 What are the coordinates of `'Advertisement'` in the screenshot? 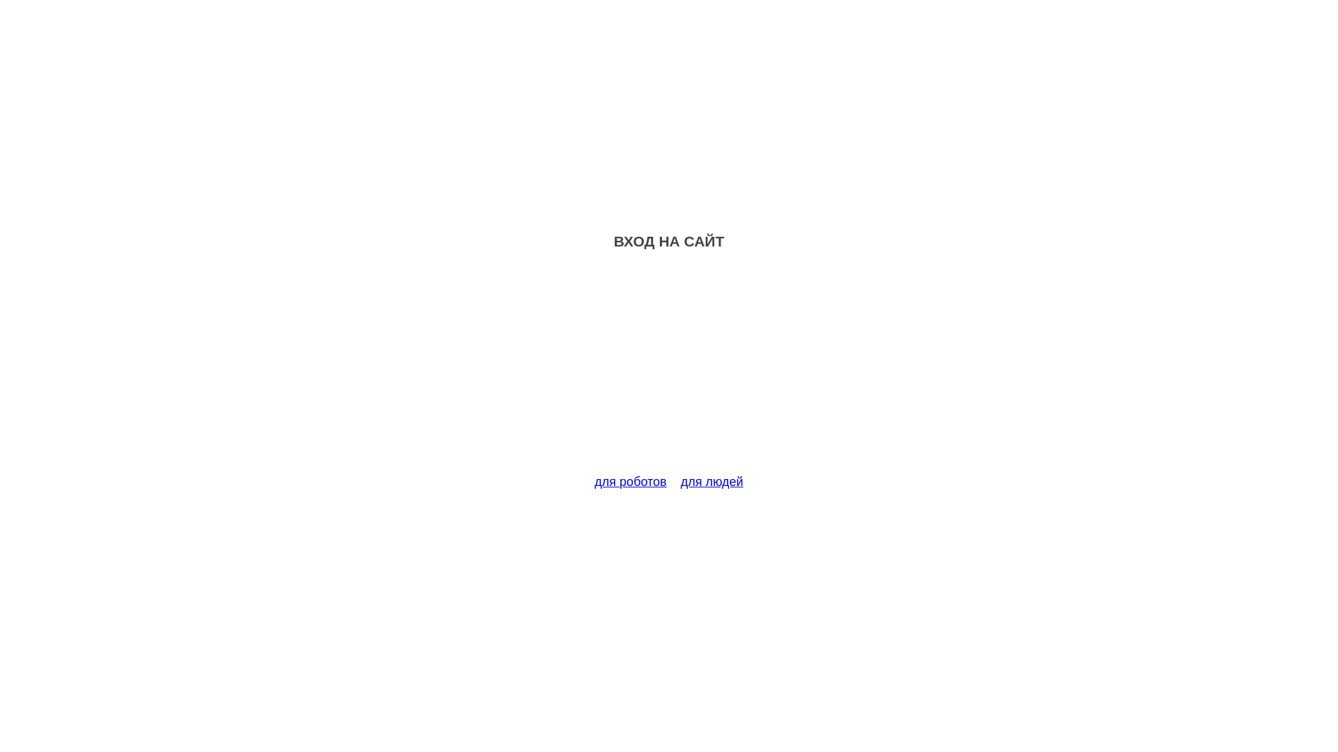 It's located at (669, 370).